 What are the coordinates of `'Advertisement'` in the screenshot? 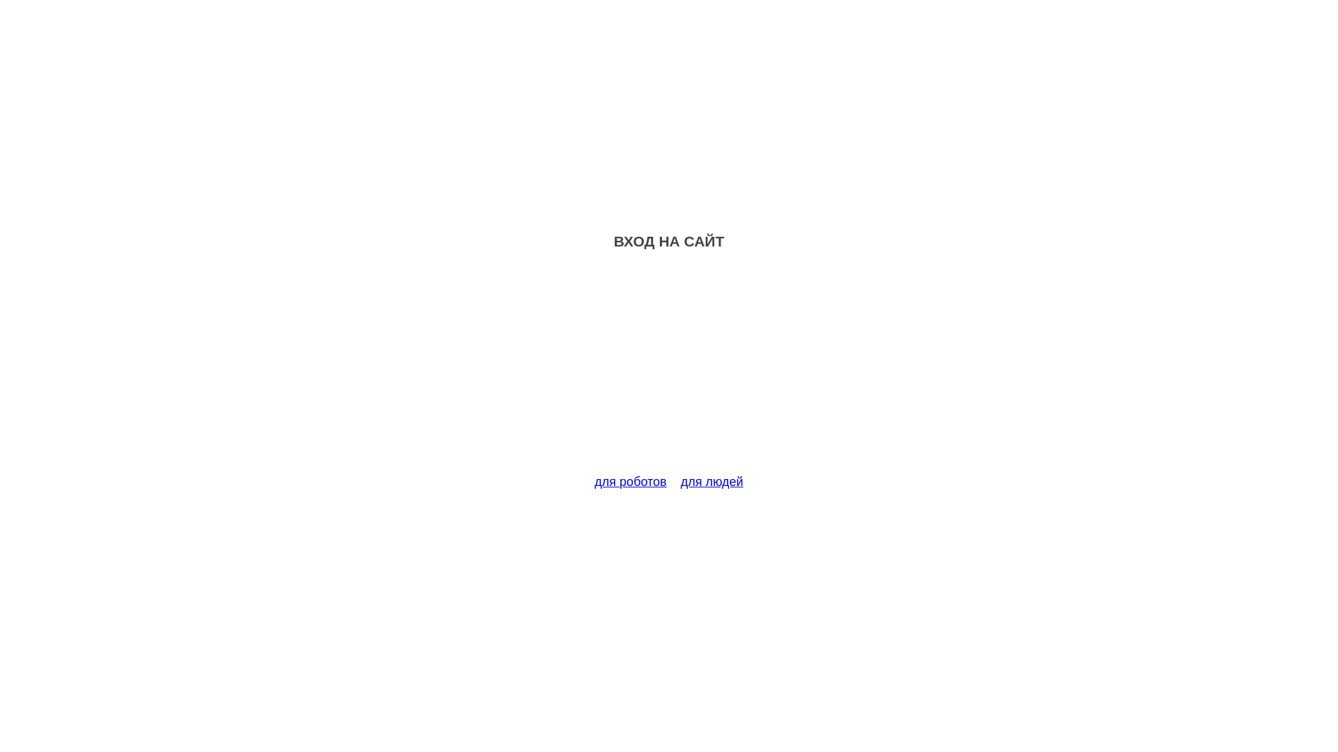 It's located at (669, 370).